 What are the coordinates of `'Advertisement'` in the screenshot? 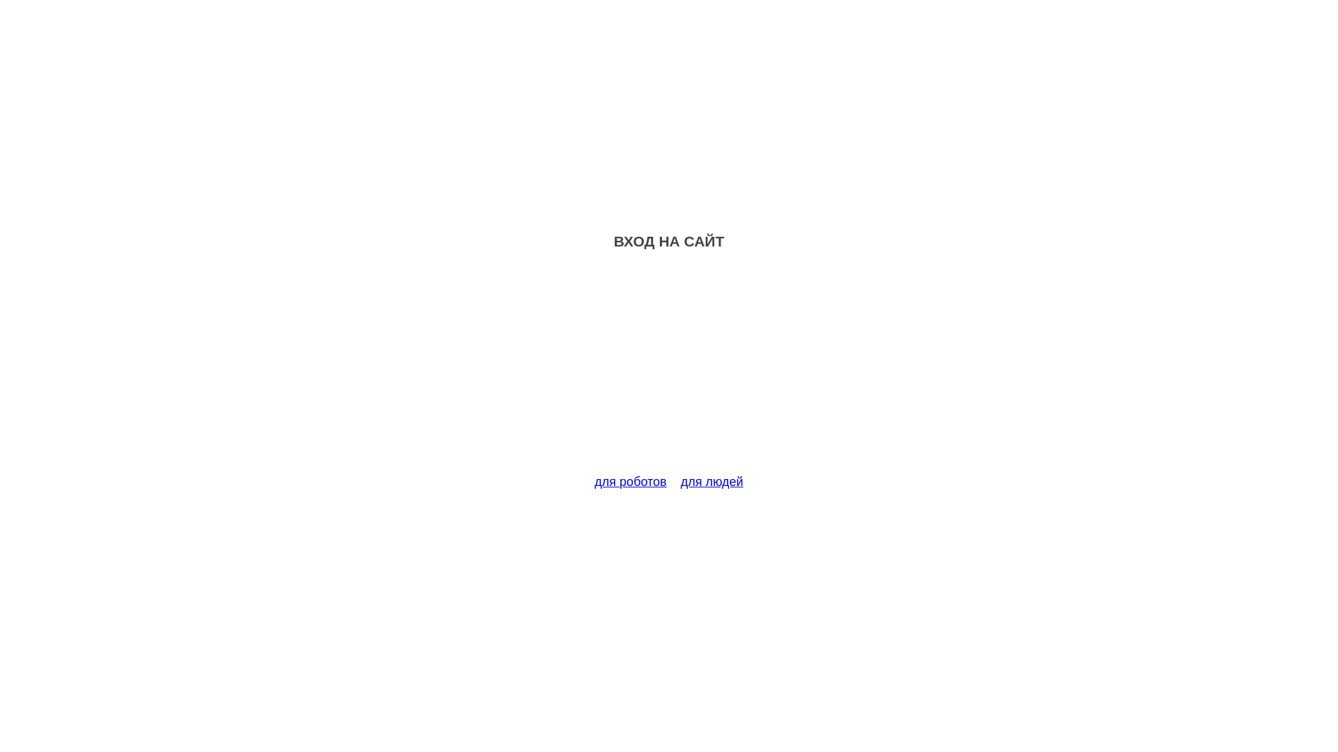 It's located at (669, 370).